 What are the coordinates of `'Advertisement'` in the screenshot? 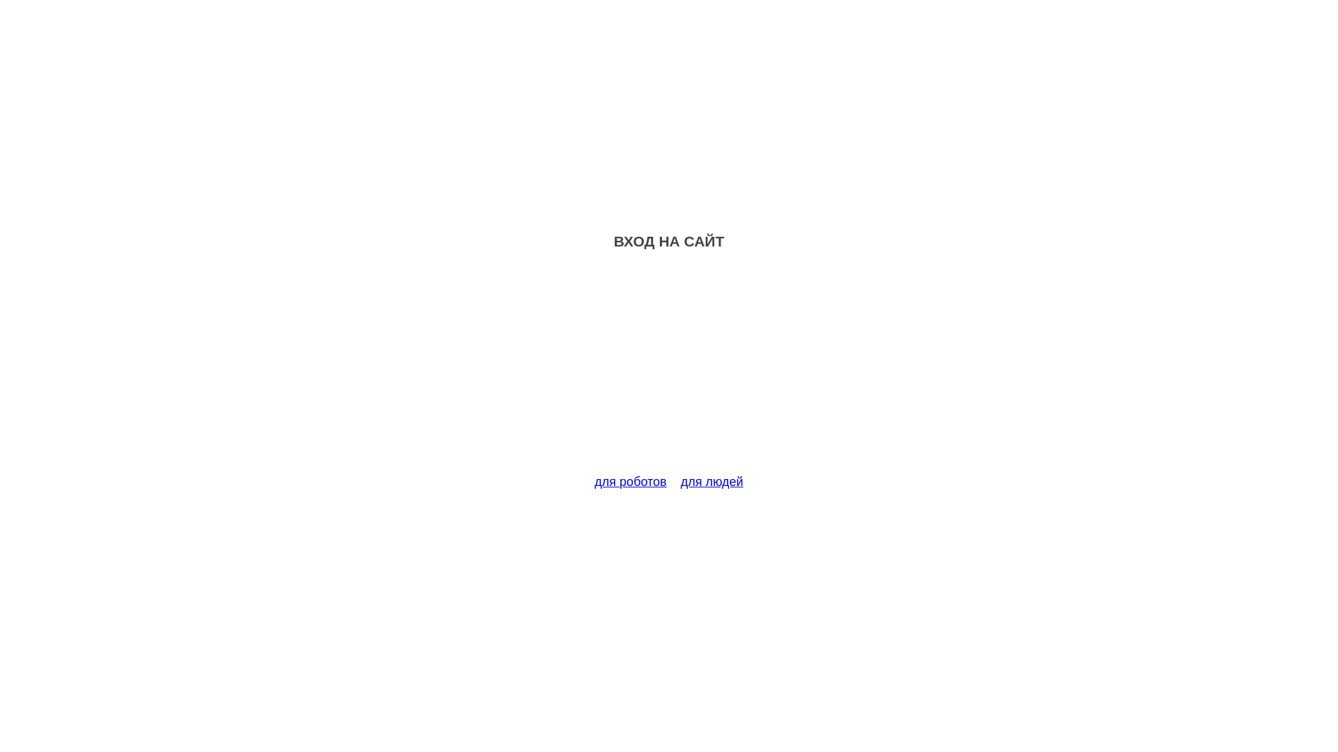 It's located at (669, 370).